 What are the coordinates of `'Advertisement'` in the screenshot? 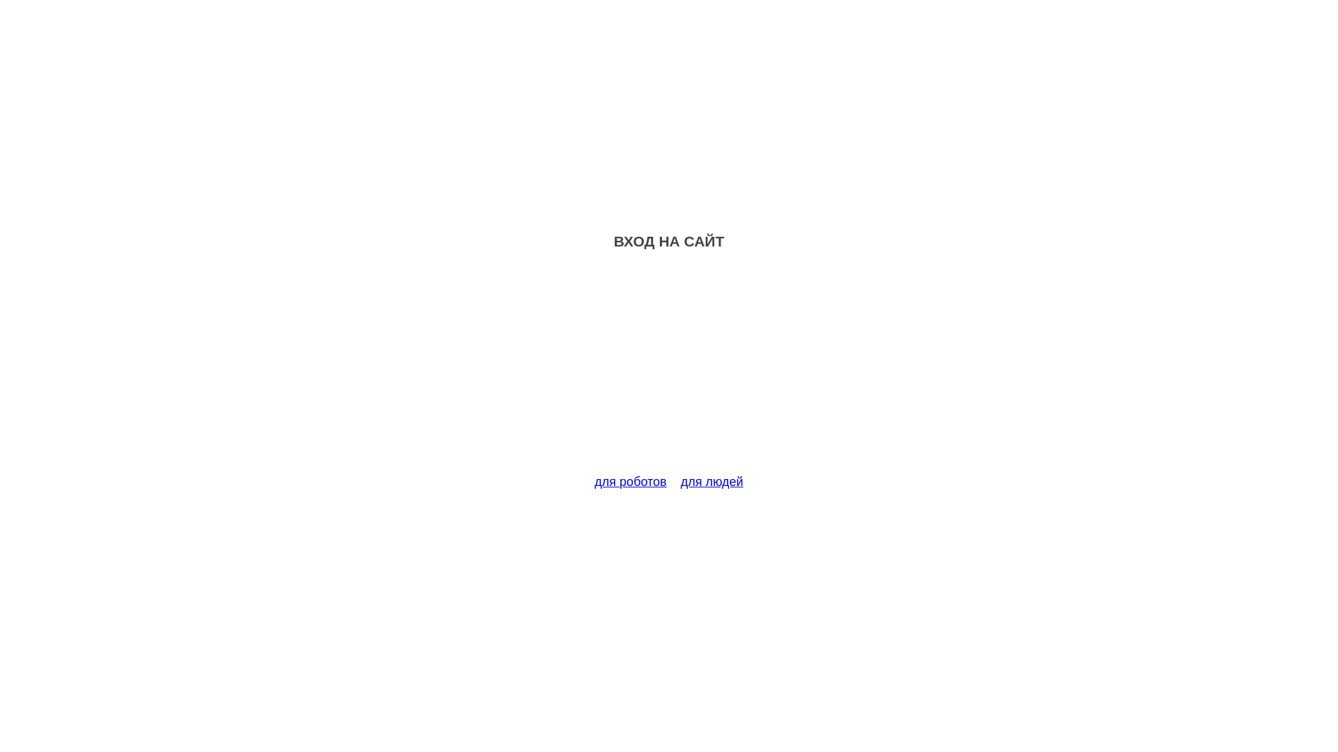 It's located at (669, 370).